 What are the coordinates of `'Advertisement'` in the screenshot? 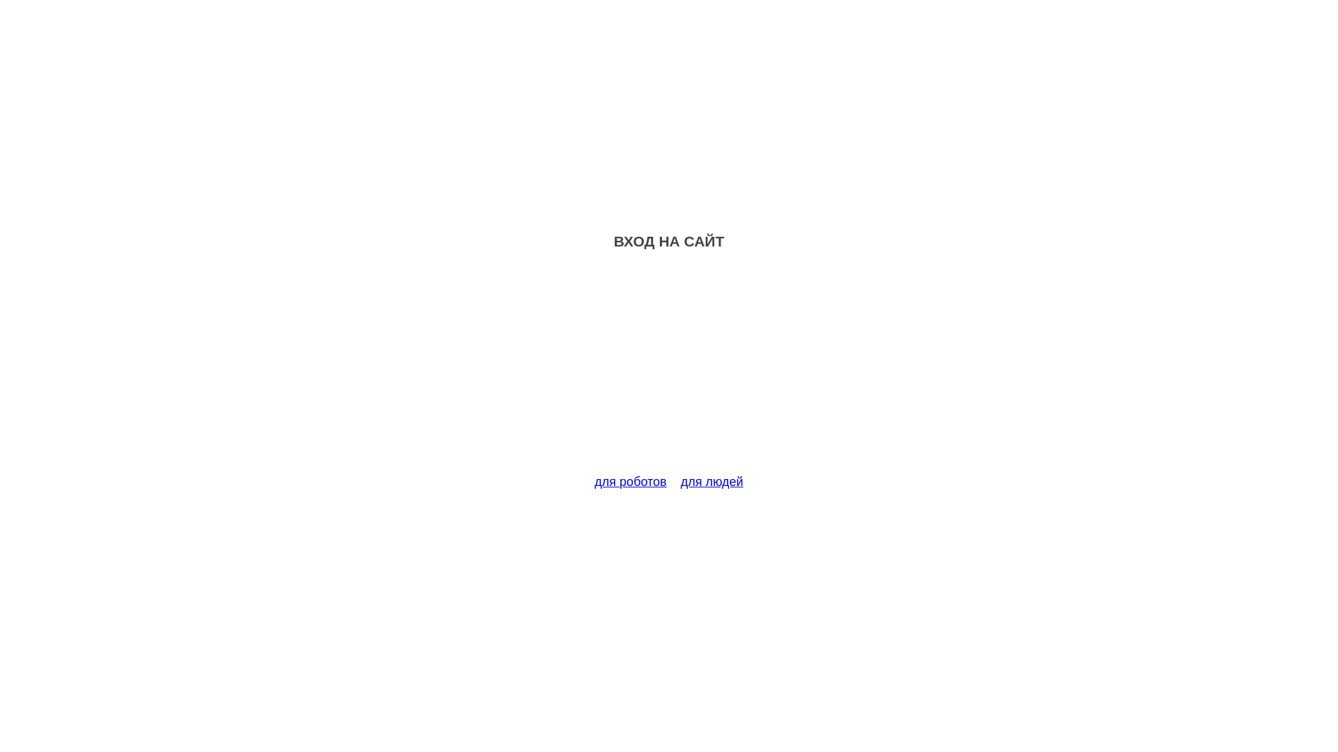 It's located at (669, 370).